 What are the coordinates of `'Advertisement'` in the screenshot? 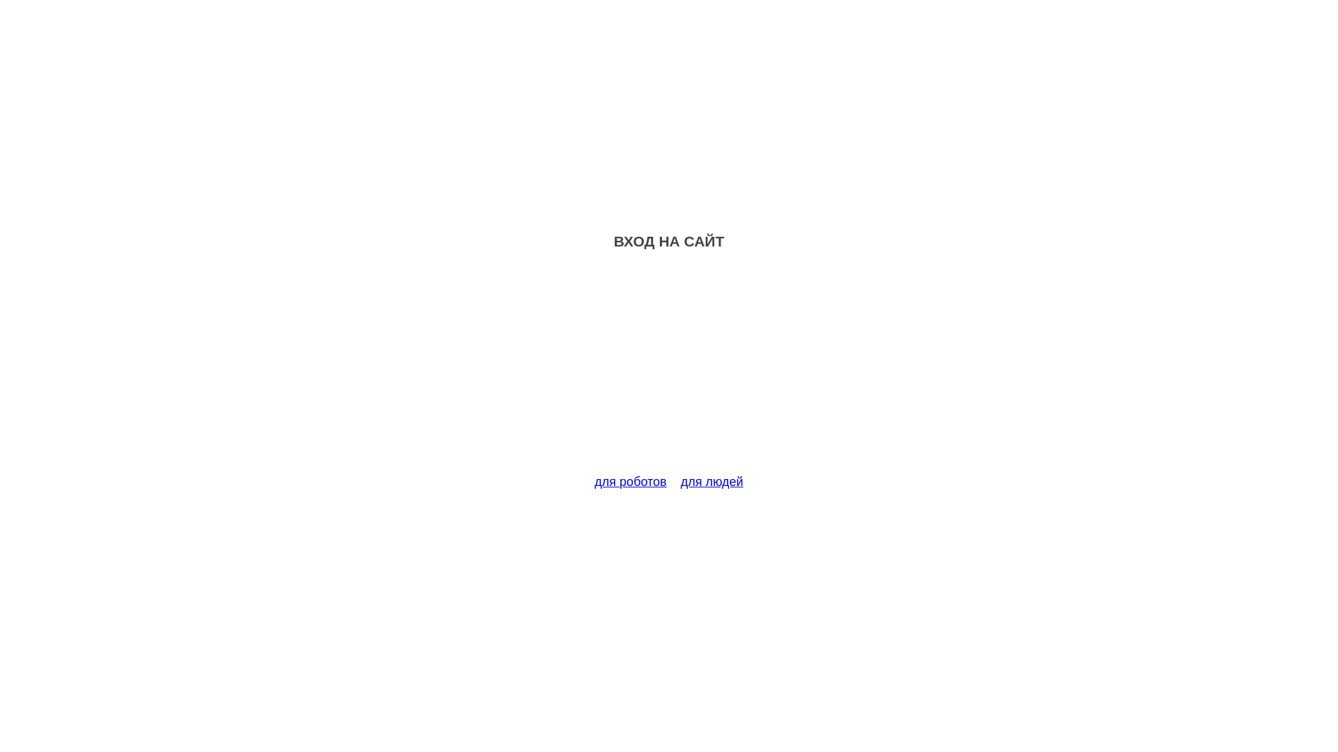 It's located at (669, 370).